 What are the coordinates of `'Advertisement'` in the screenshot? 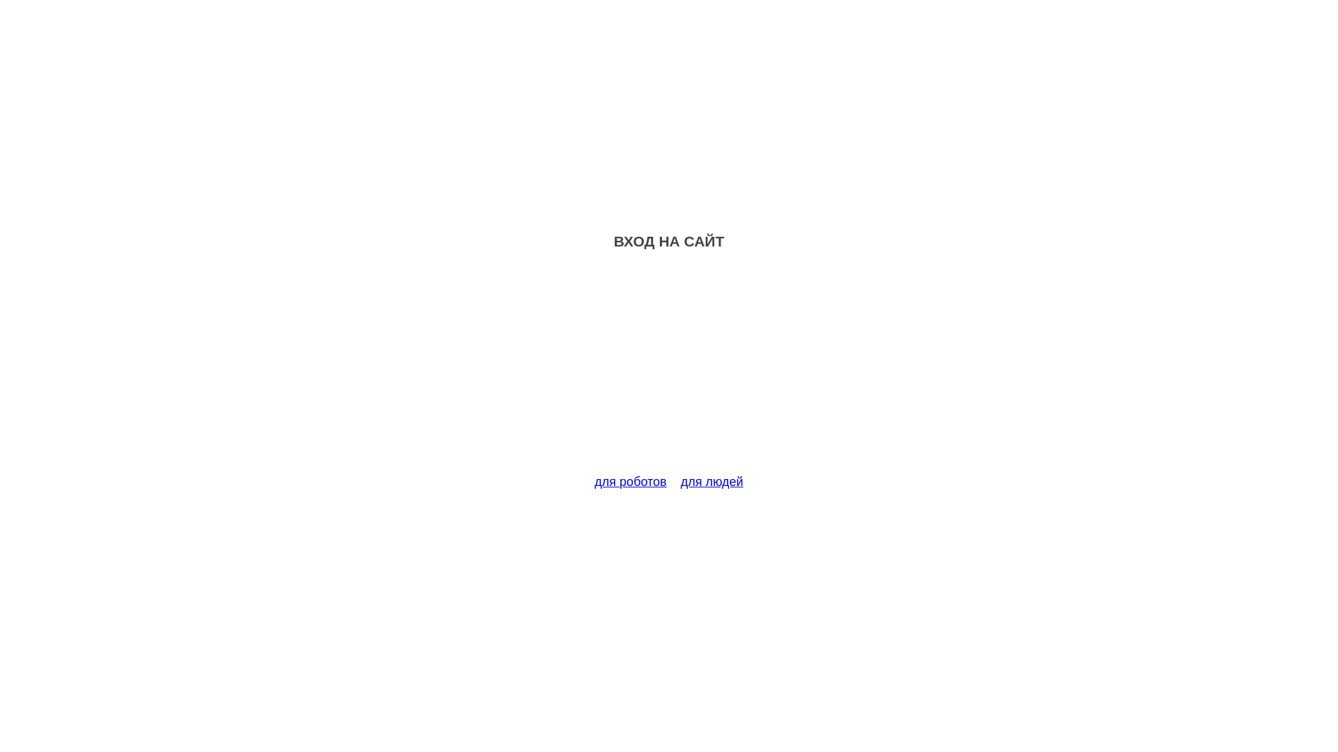 It's located at (669, 370).